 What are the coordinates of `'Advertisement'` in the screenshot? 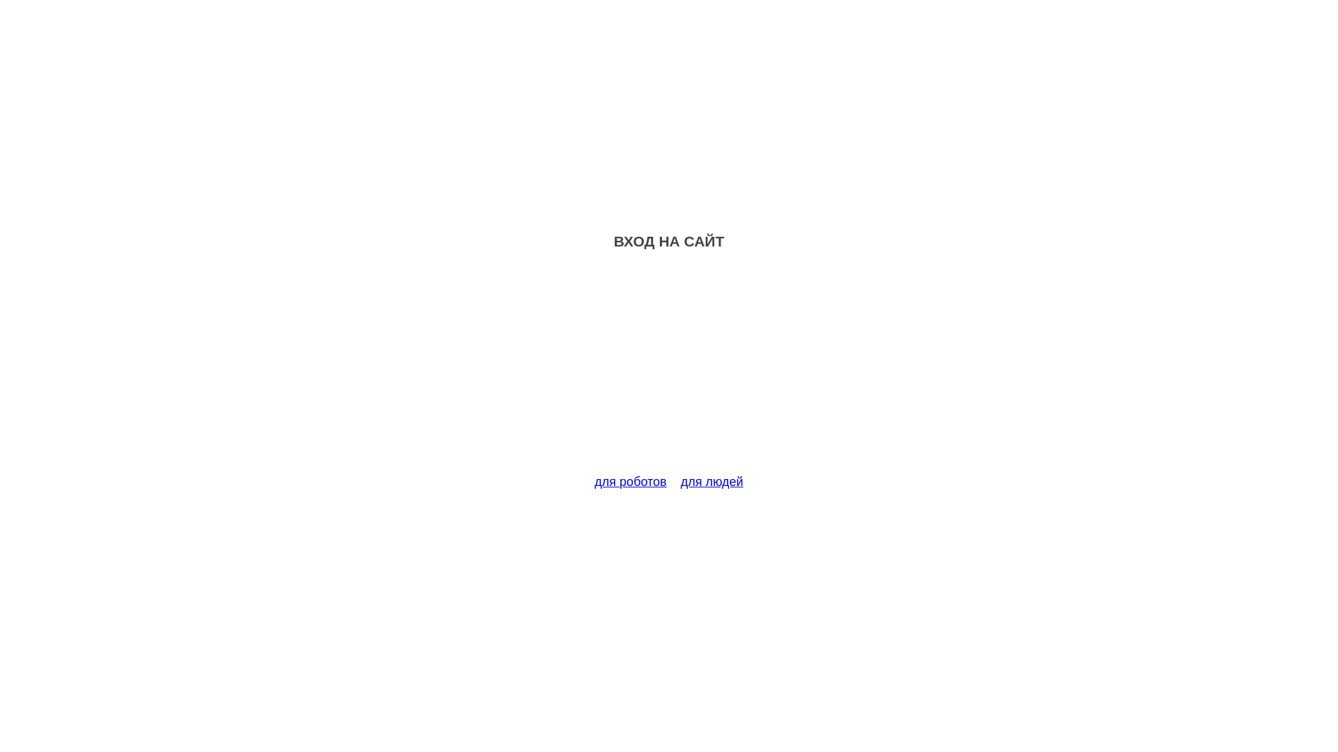 It's located at (669, 370).